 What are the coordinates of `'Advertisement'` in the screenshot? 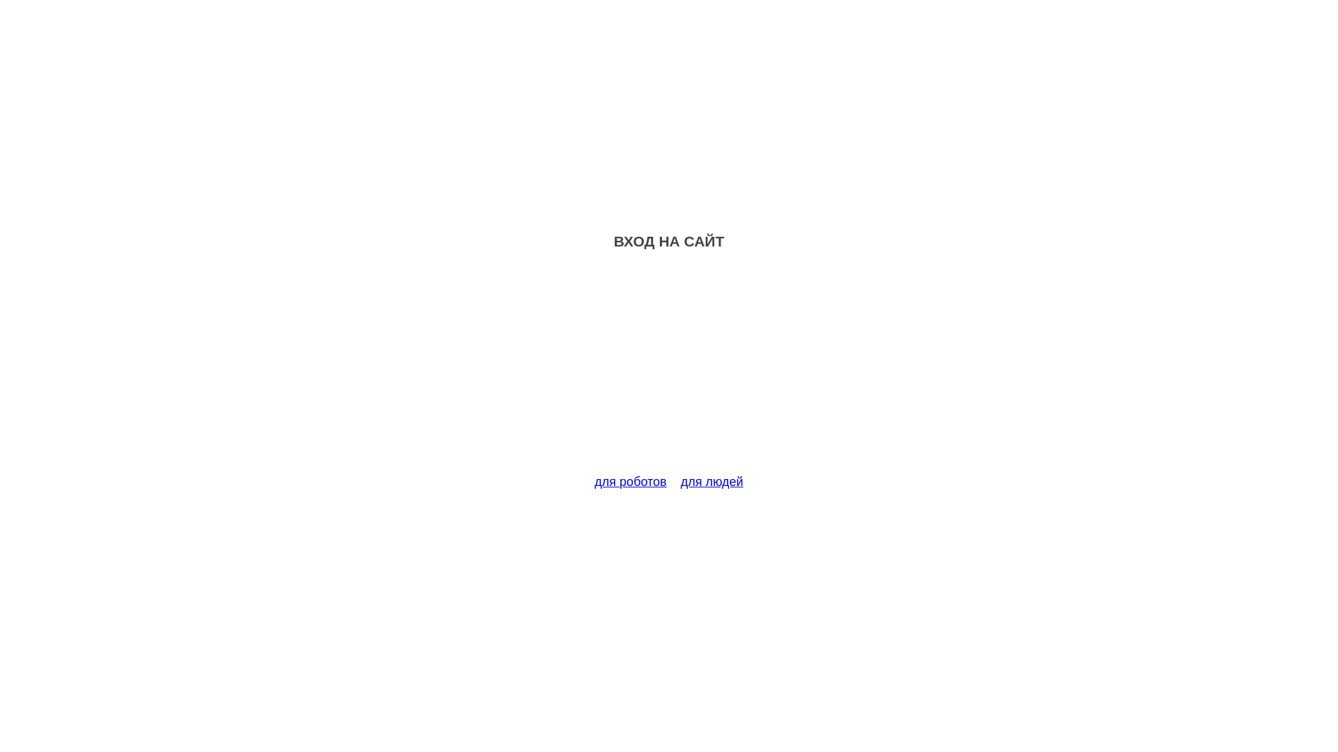 It's located at (669, 370).